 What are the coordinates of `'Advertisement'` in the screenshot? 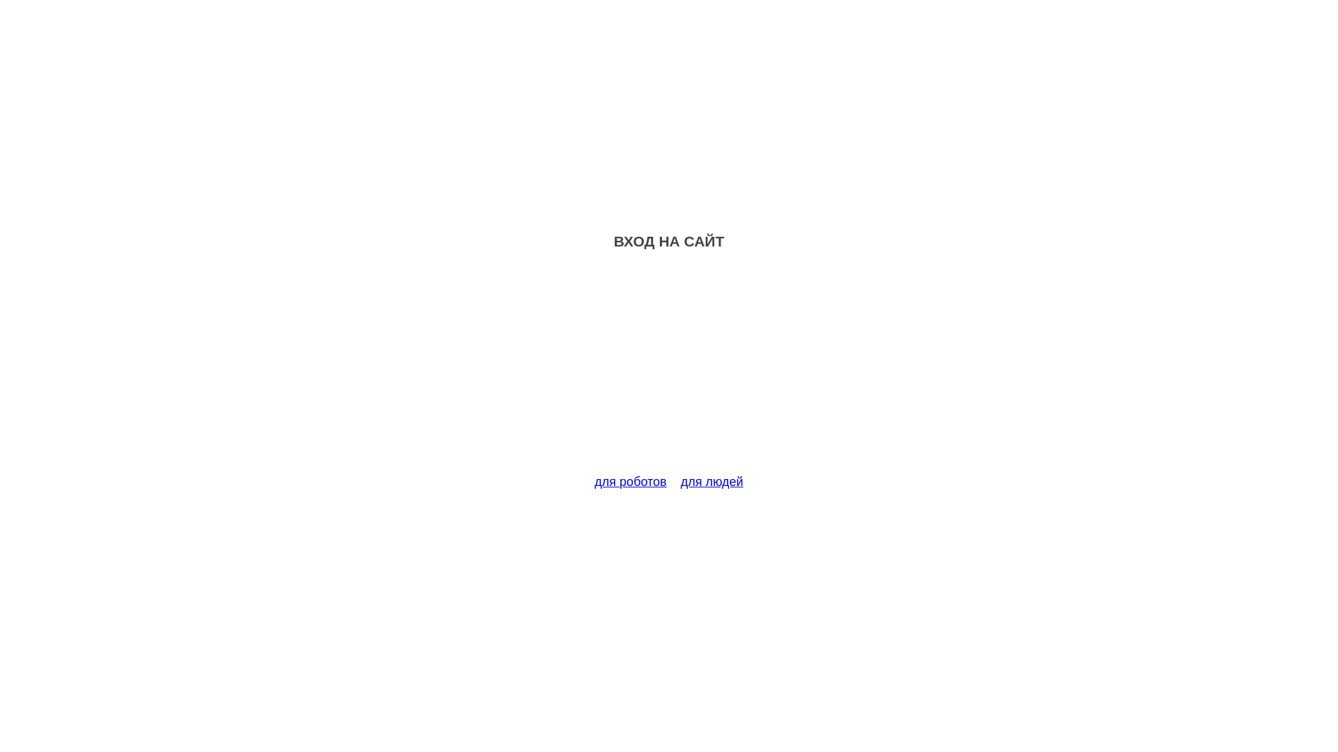 It's located at (669, 370).